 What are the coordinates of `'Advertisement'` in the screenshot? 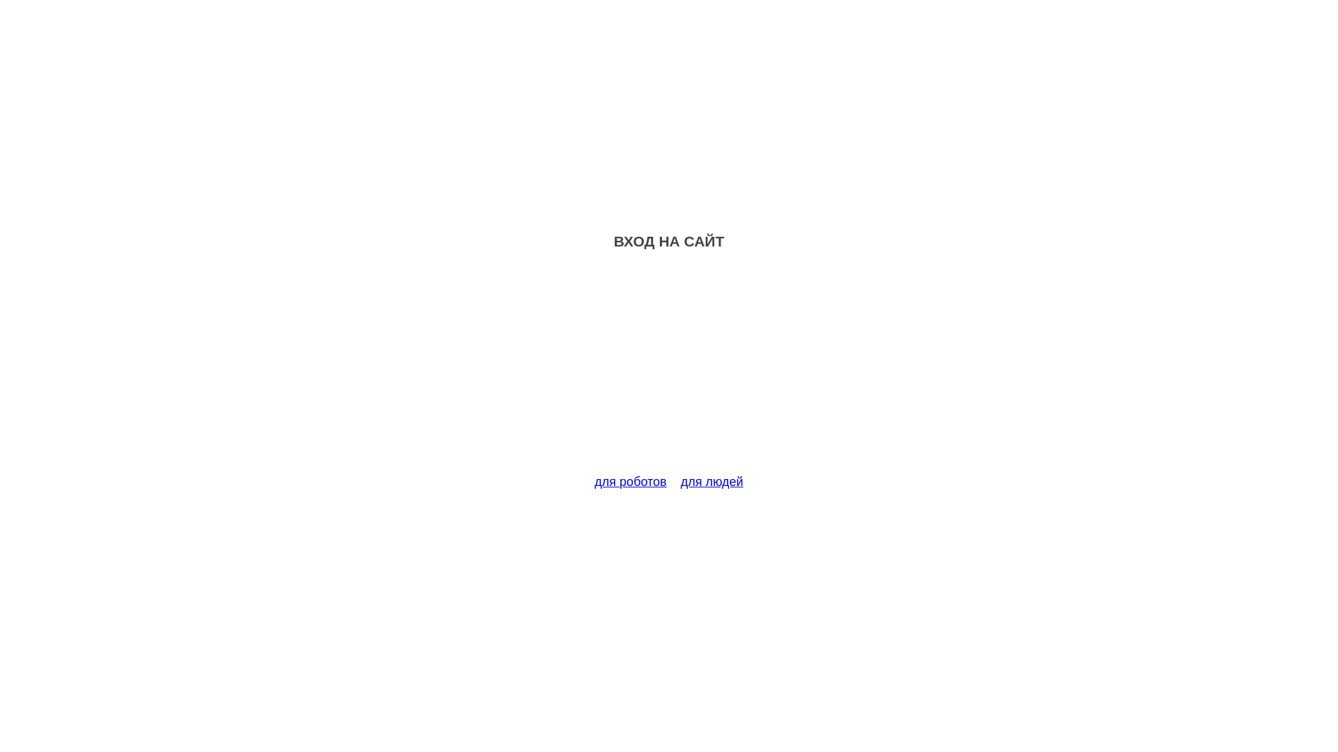 It's located at (669, 370).